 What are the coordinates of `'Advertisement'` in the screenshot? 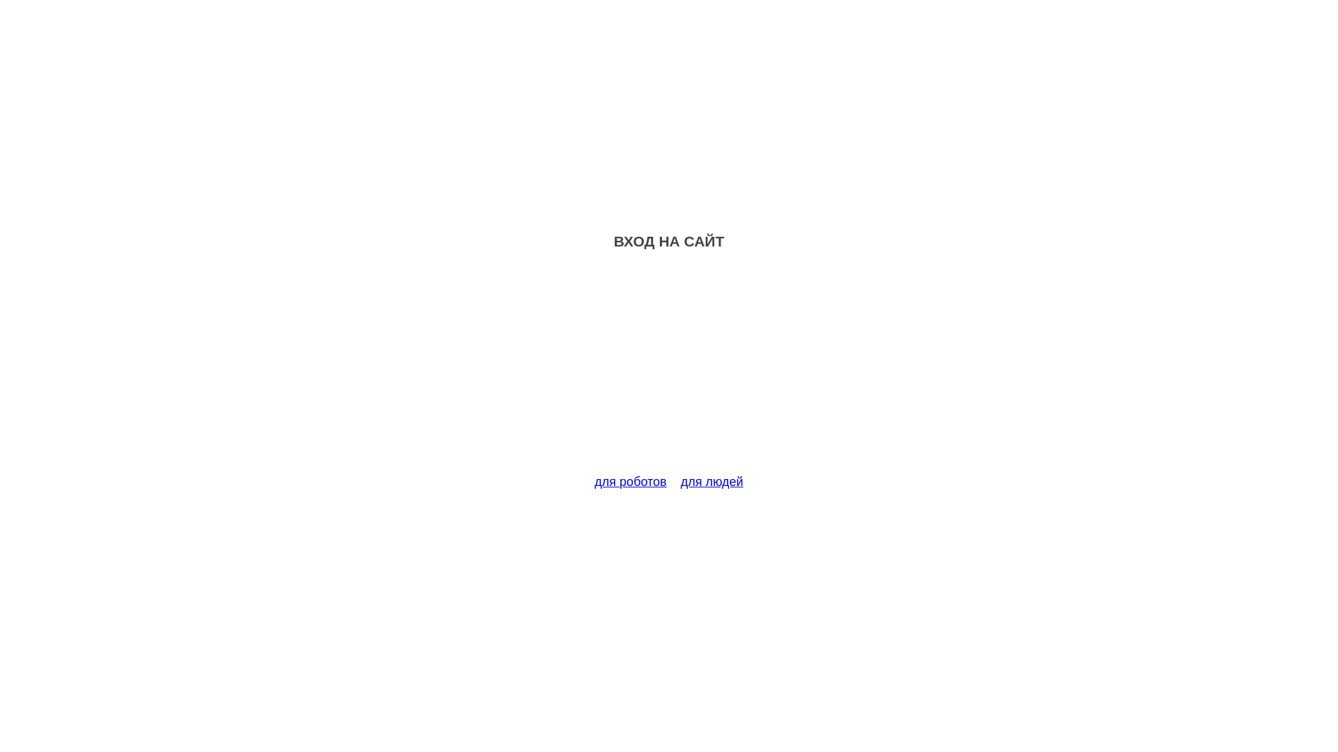 It's located at (669, 370).